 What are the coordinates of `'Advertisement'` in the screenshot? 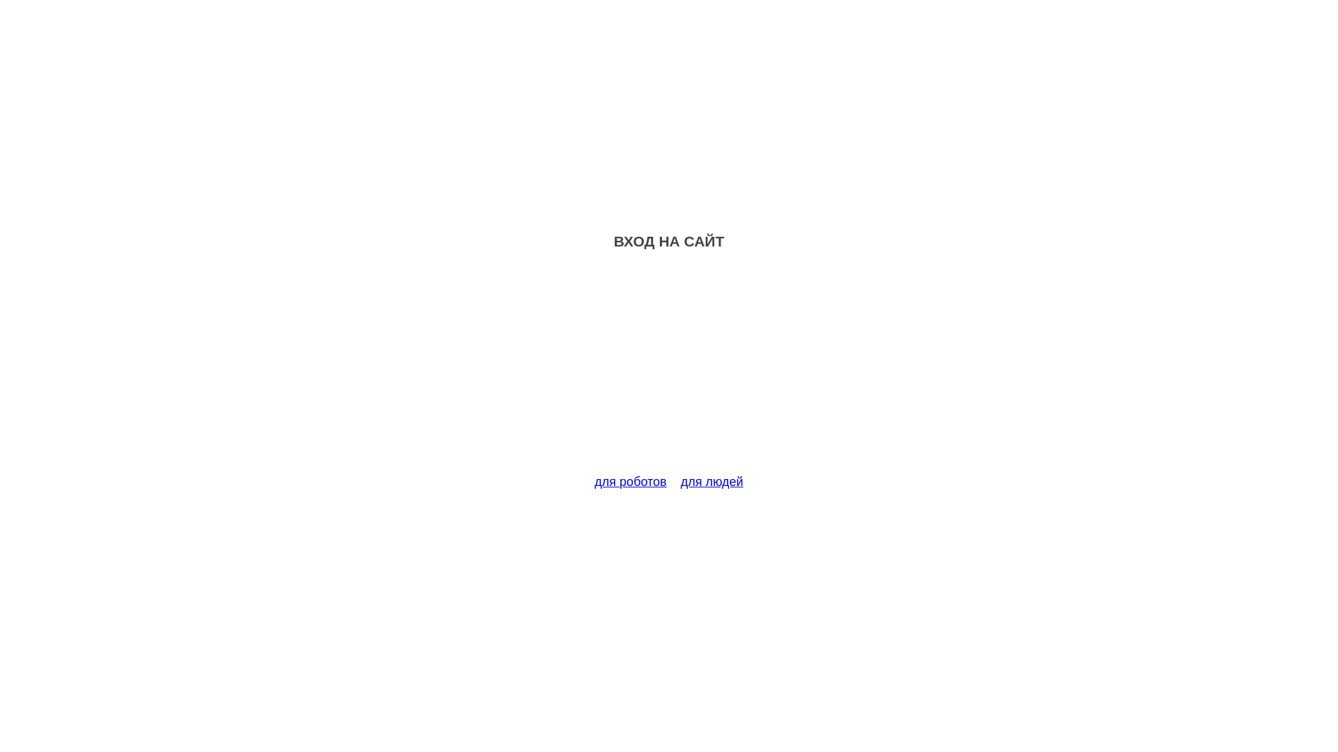 It's located at (669, 370).